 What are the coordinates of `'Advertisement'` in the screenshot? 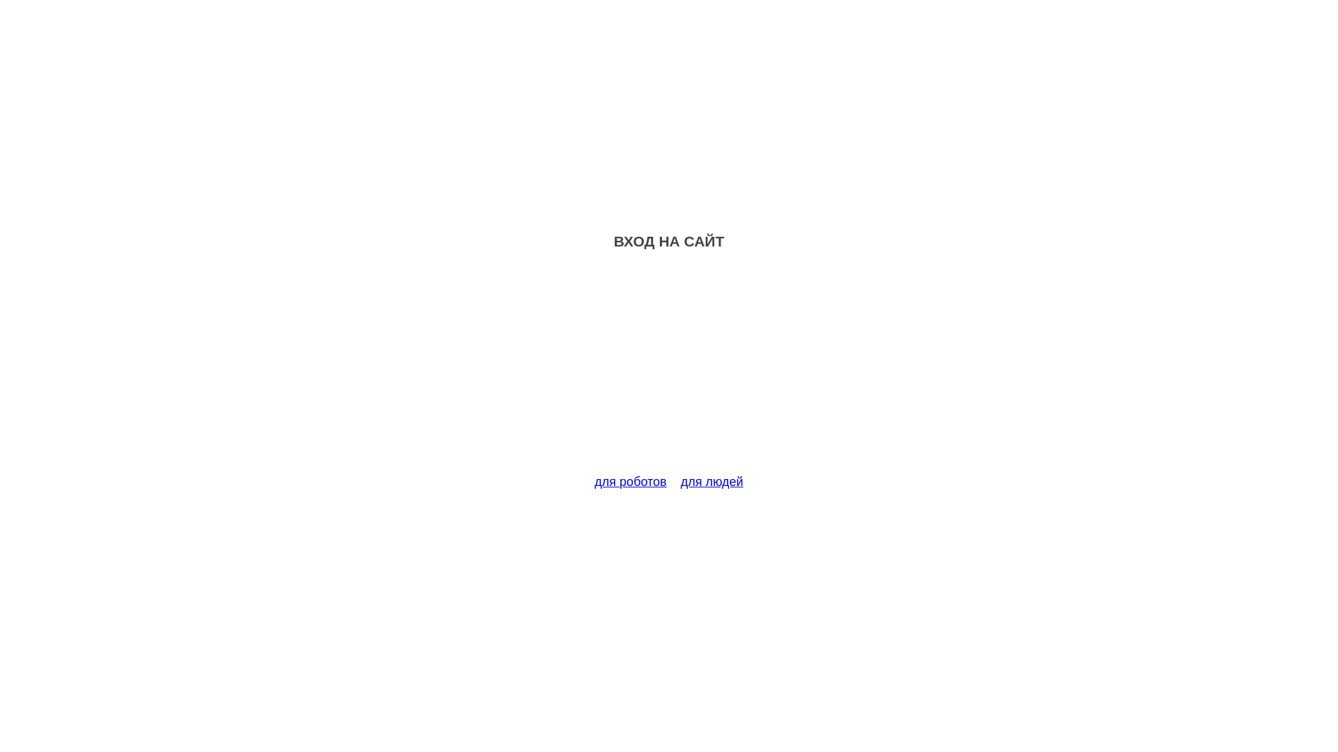 It's located at (669, 370).